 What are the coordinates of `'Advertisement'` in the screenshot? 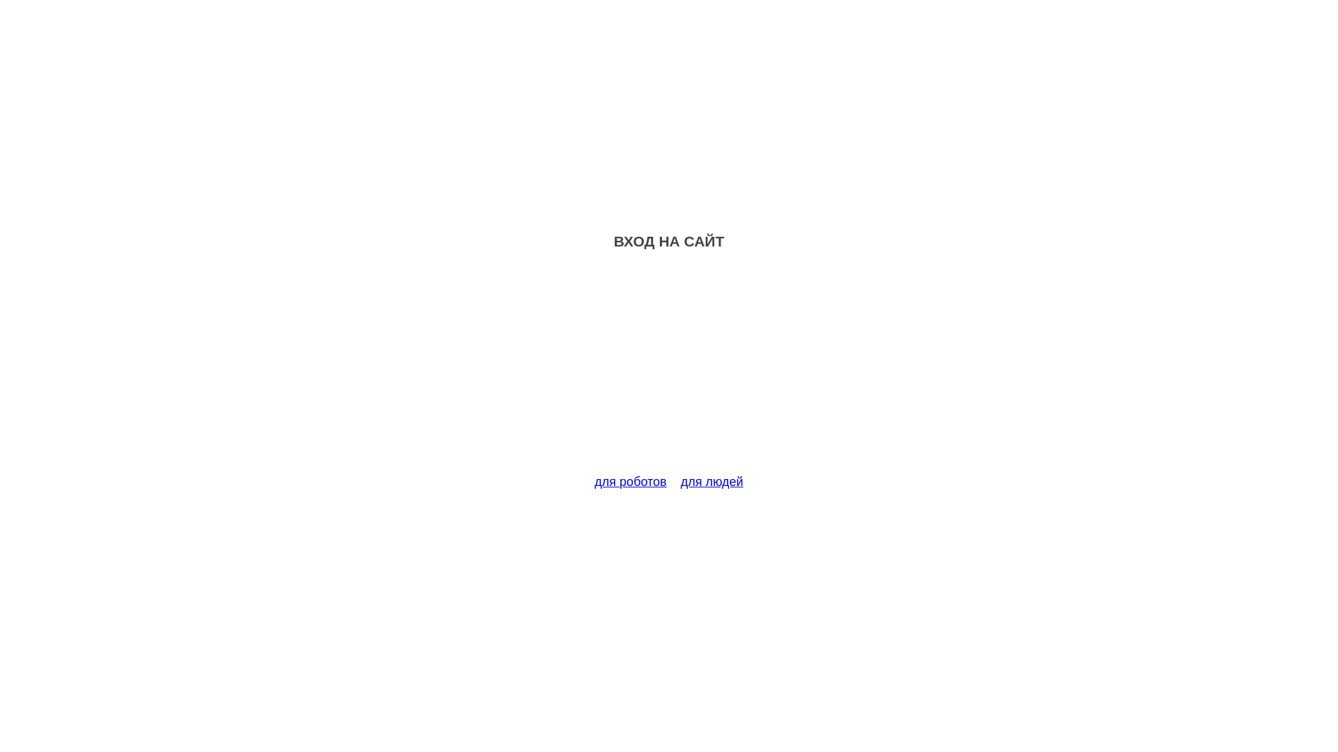 It's located at (669, 370).